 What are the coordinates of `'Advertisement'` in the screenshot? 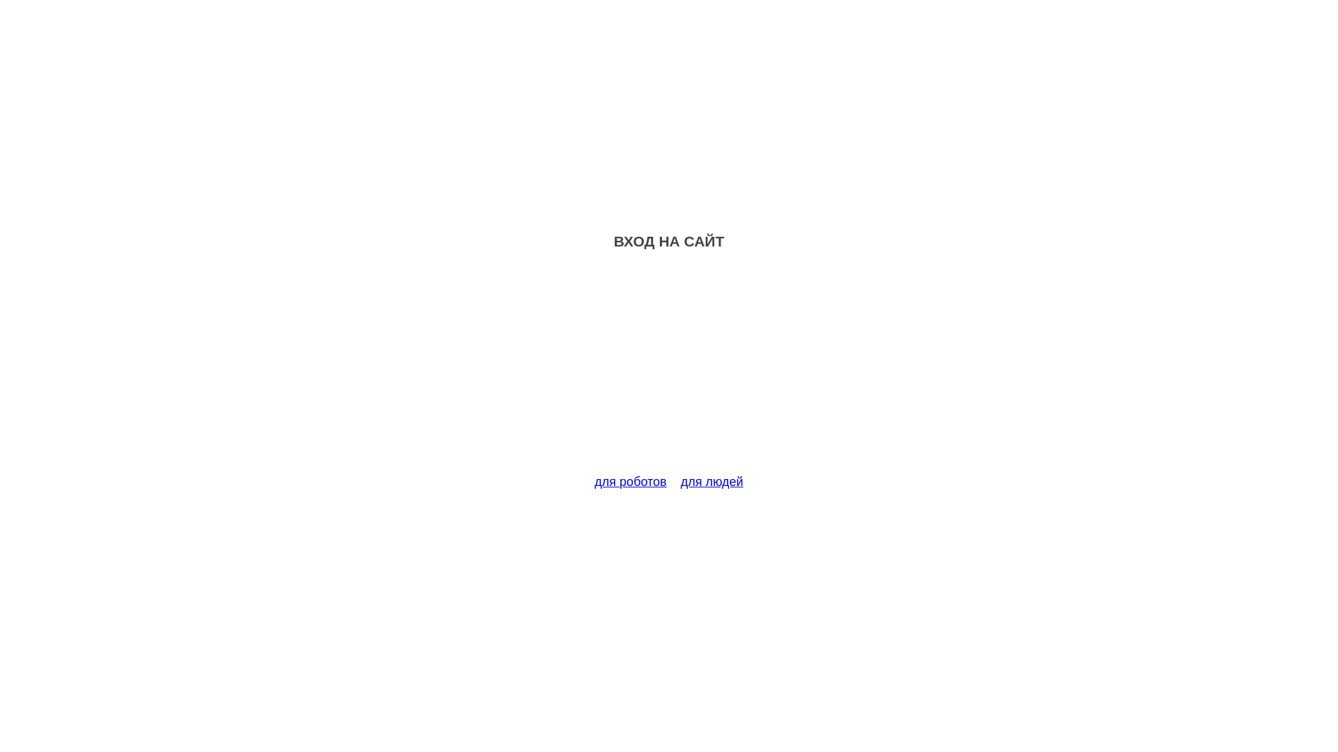 It's located at (669, 370).